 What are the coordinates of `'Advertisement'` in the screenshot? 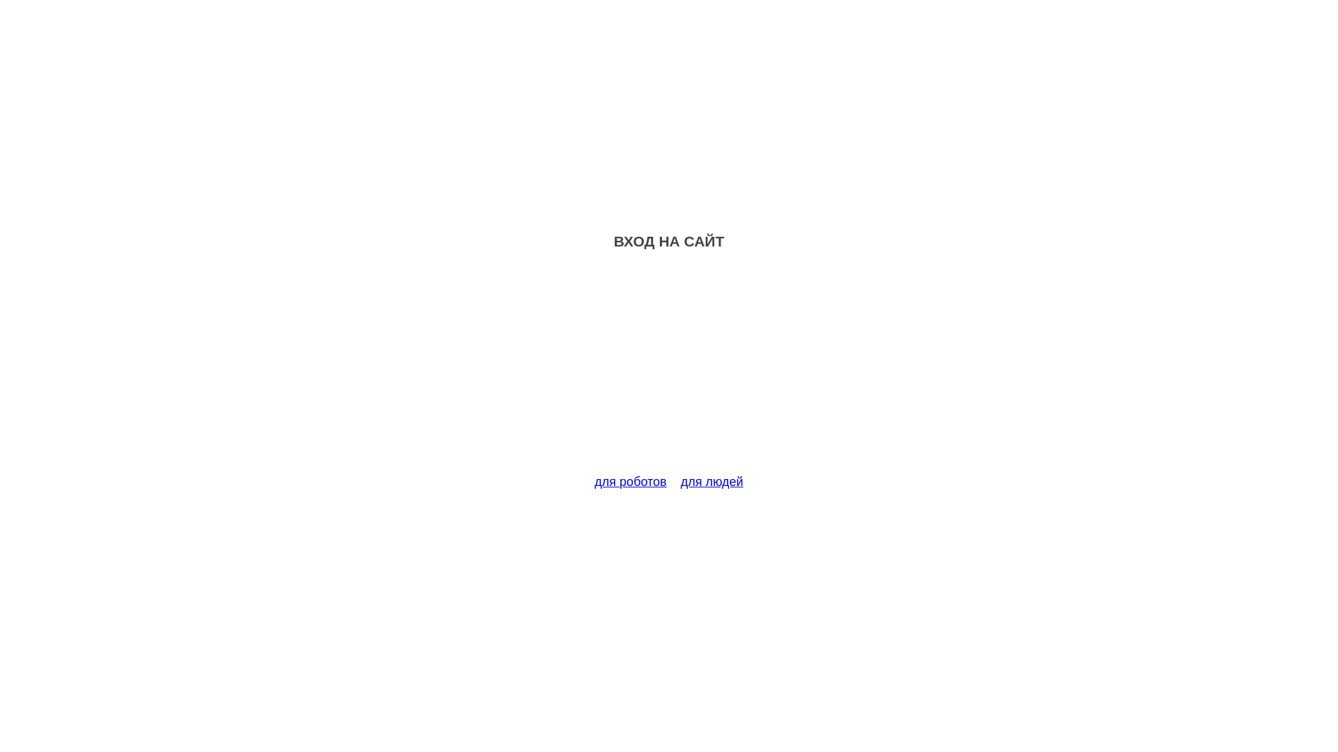 It's located at (669, 370).